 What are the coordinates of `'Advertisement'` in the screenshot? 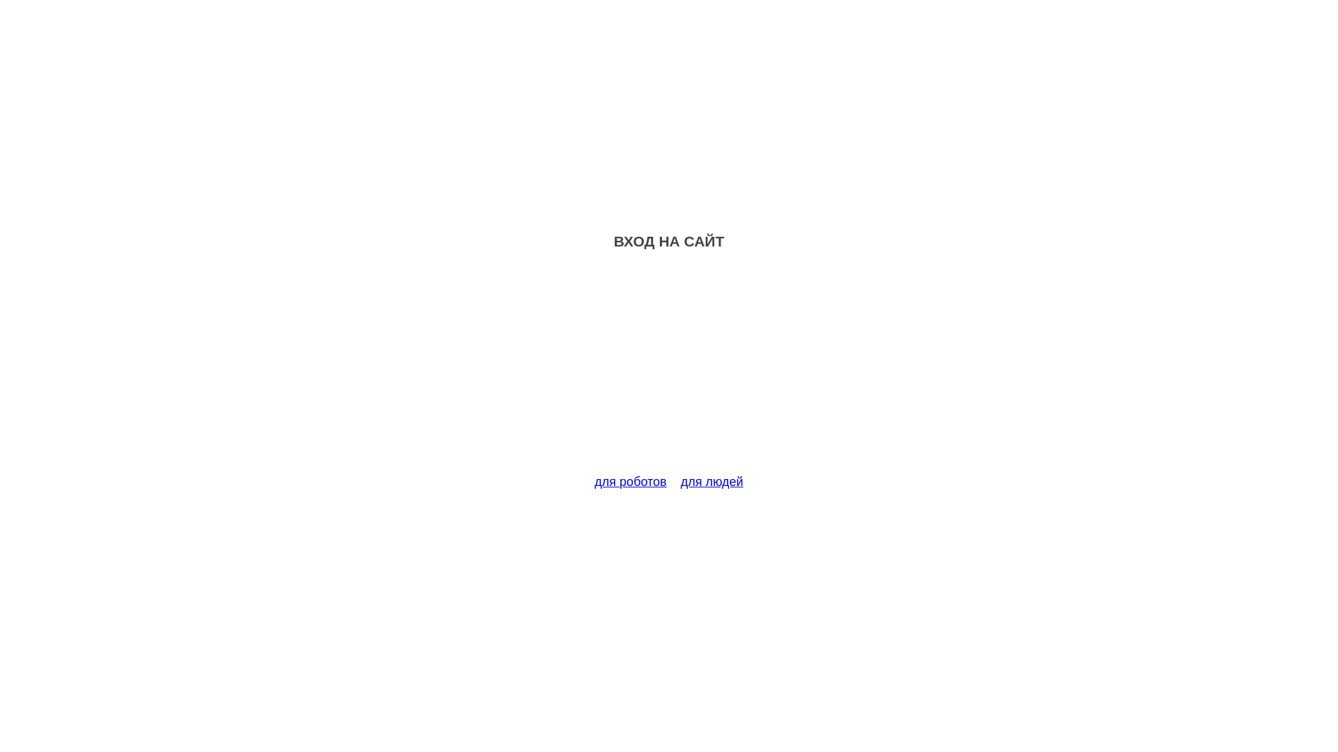 It's located at (669, 370).